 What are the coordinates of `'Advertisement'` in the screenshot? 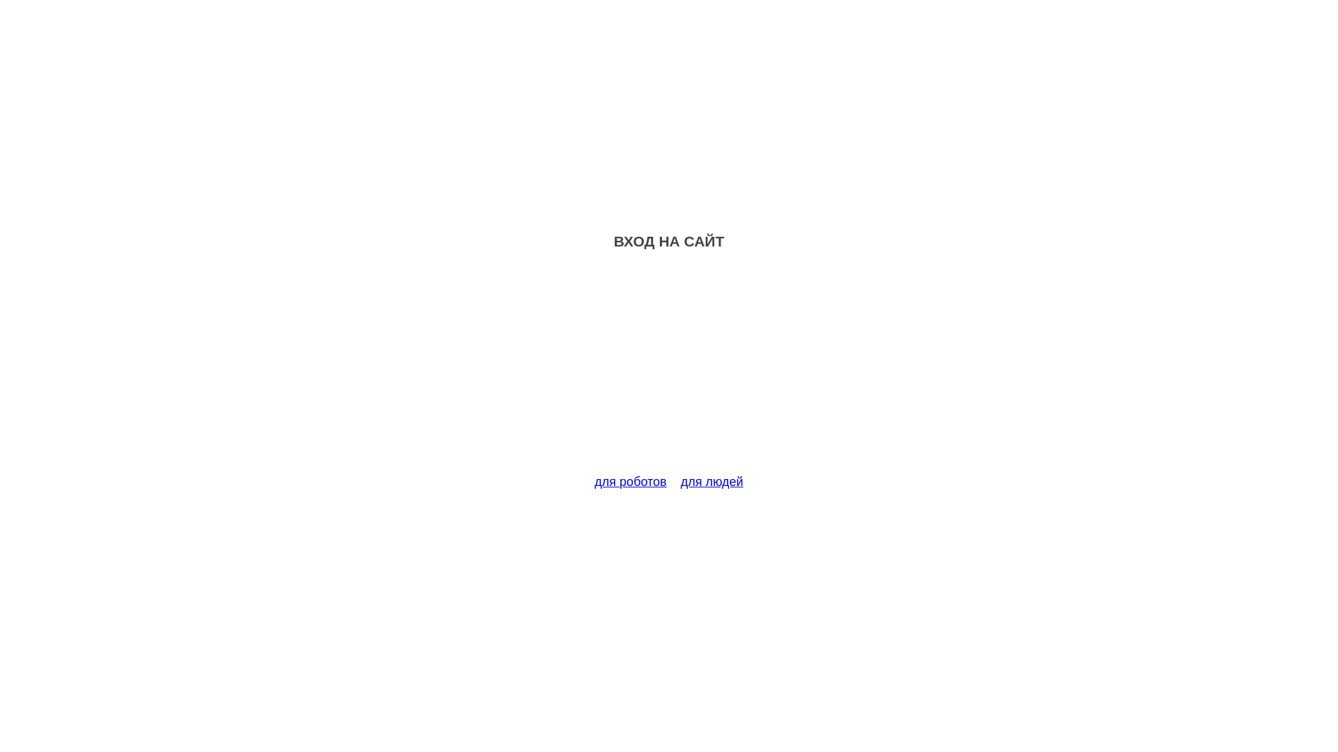 It's located at (669, 370).